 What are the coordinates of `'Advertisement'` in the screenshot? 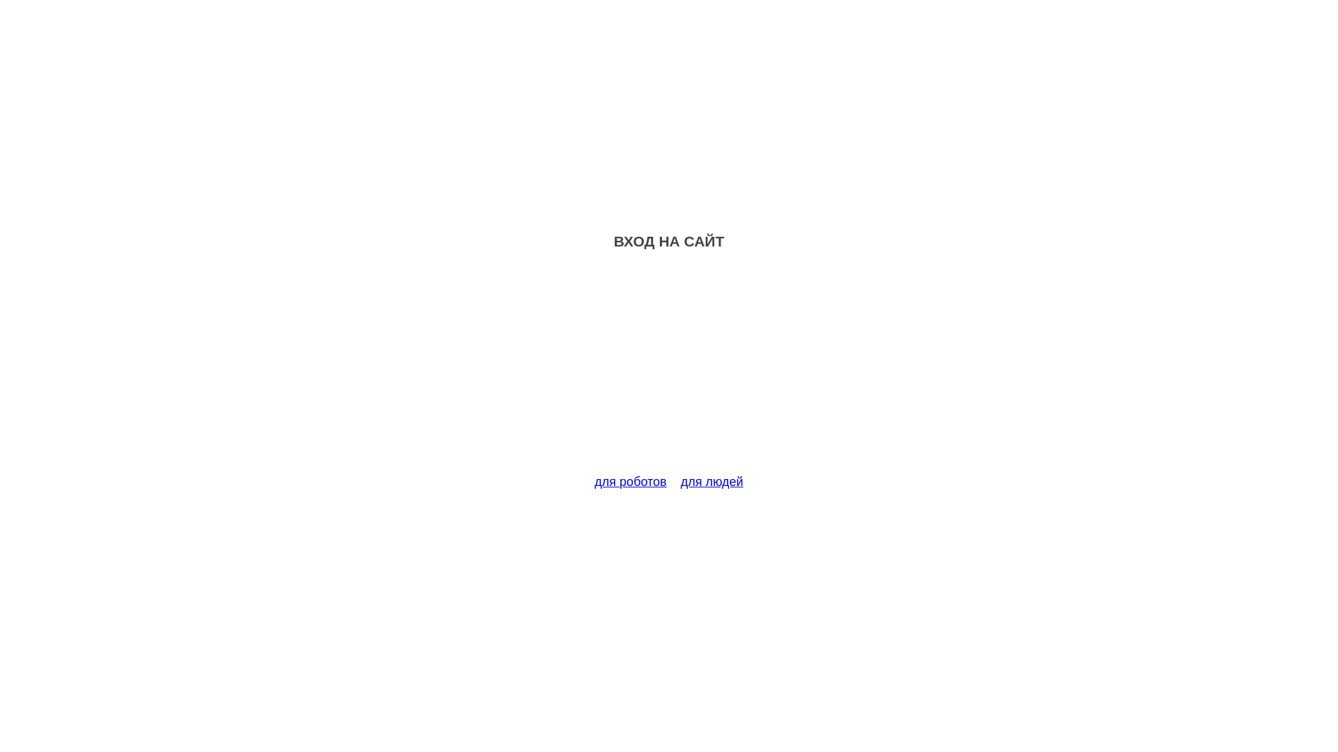 It's located at (669, 370).